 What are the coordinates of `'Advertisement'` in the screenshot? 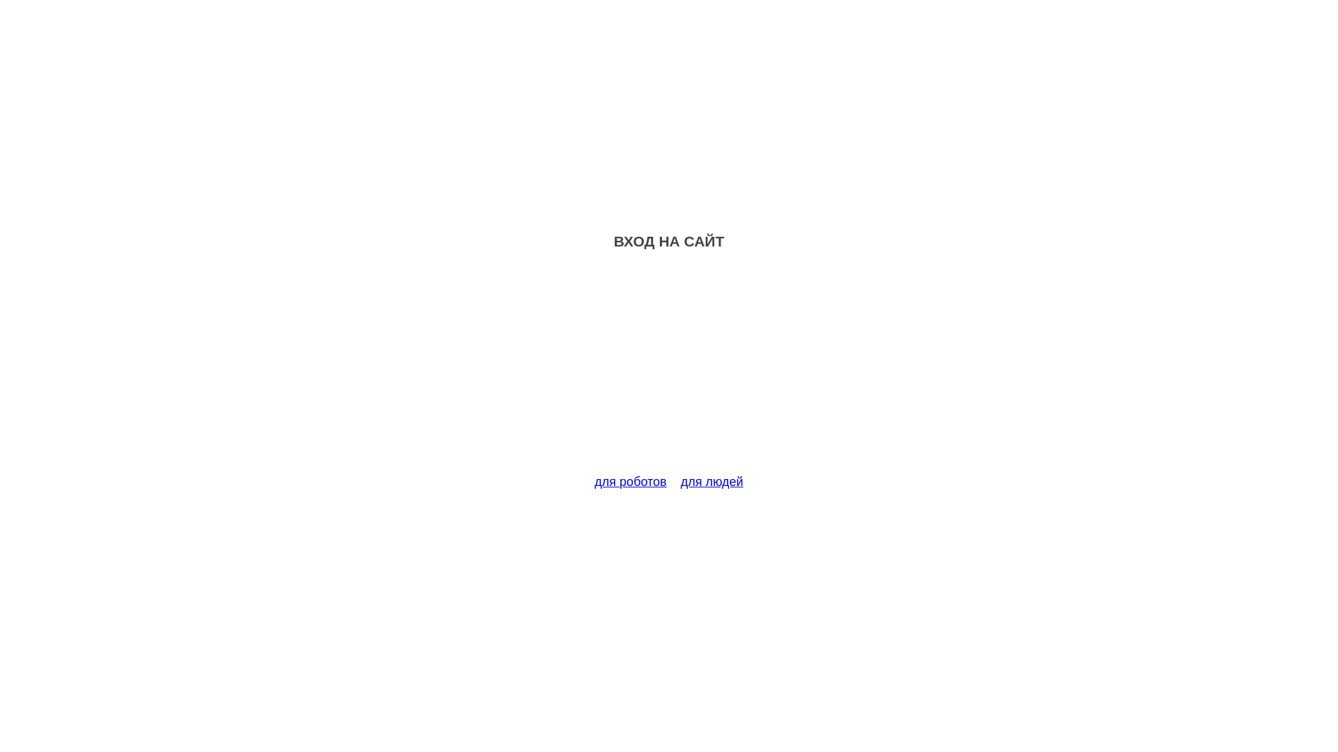 It's located at (669, 370).